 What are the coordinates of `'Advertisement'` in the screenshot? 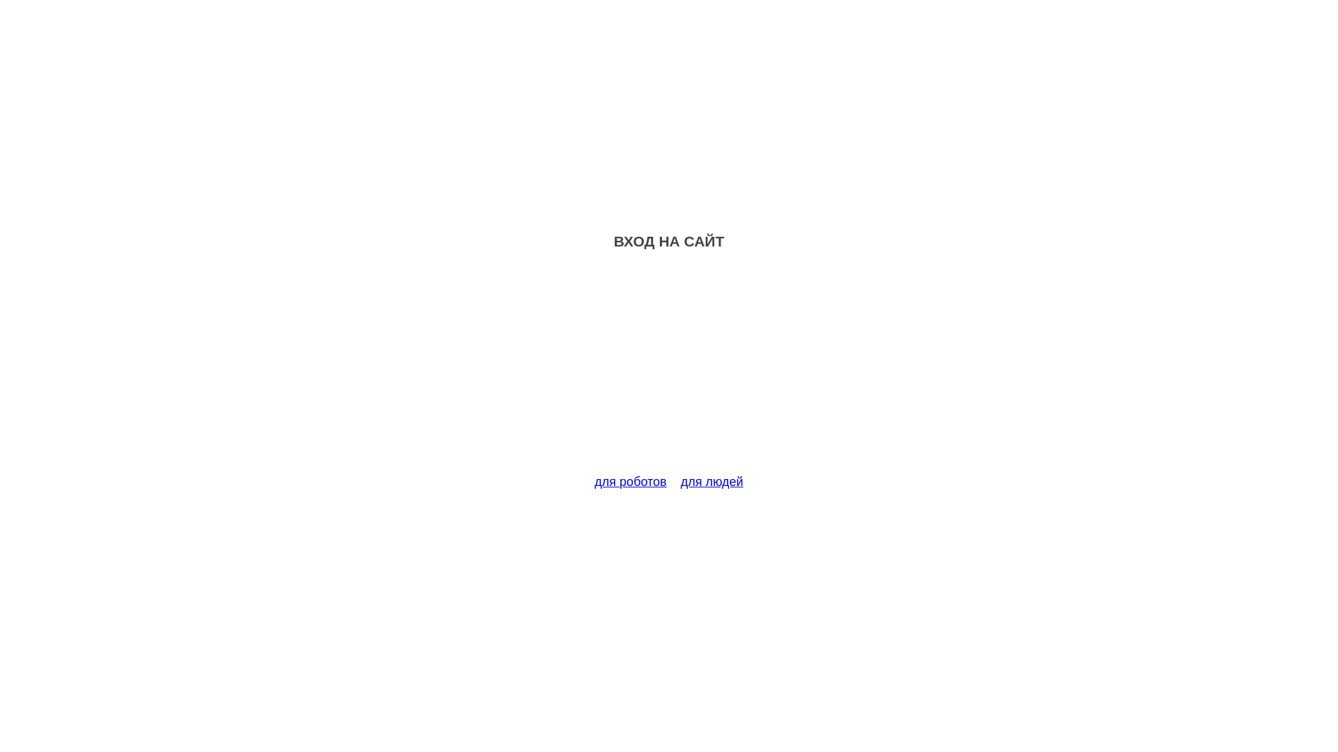 It's located at (669, 370).